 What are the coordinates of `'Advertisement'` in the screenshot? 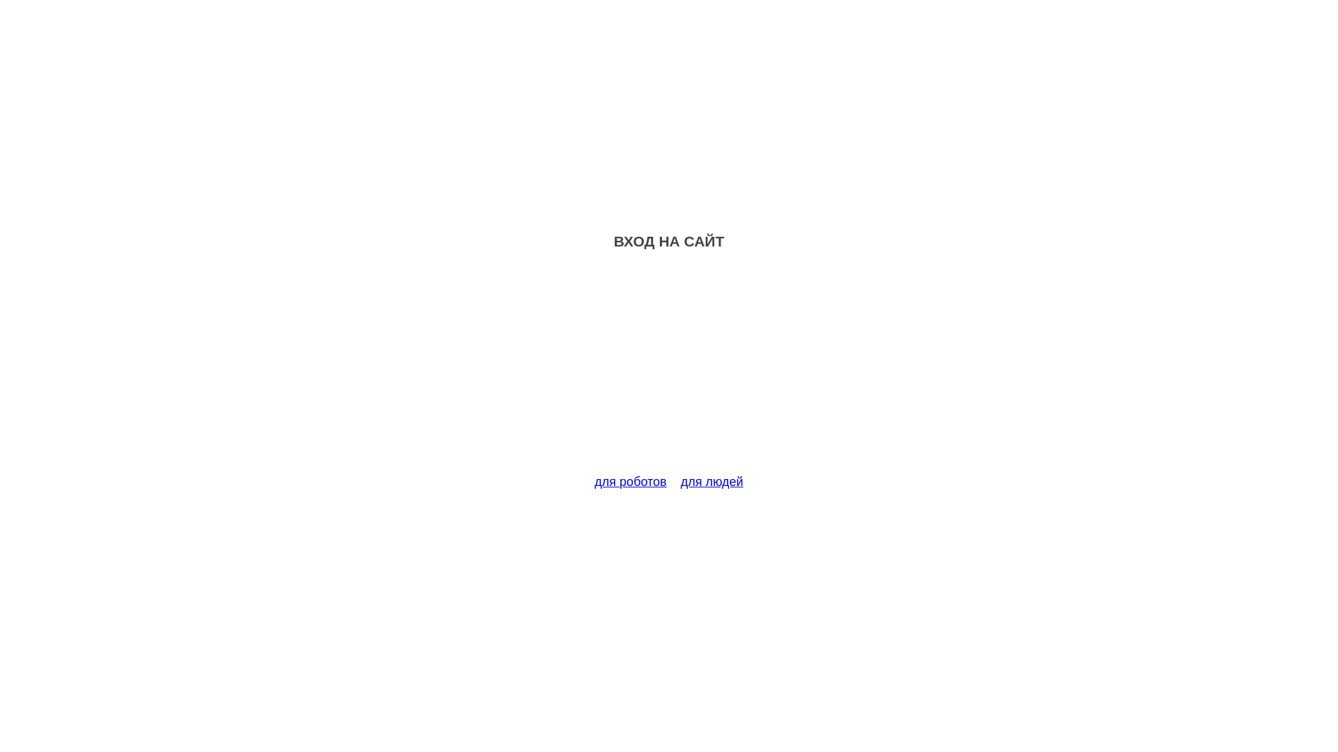 It's located at (669, 370).